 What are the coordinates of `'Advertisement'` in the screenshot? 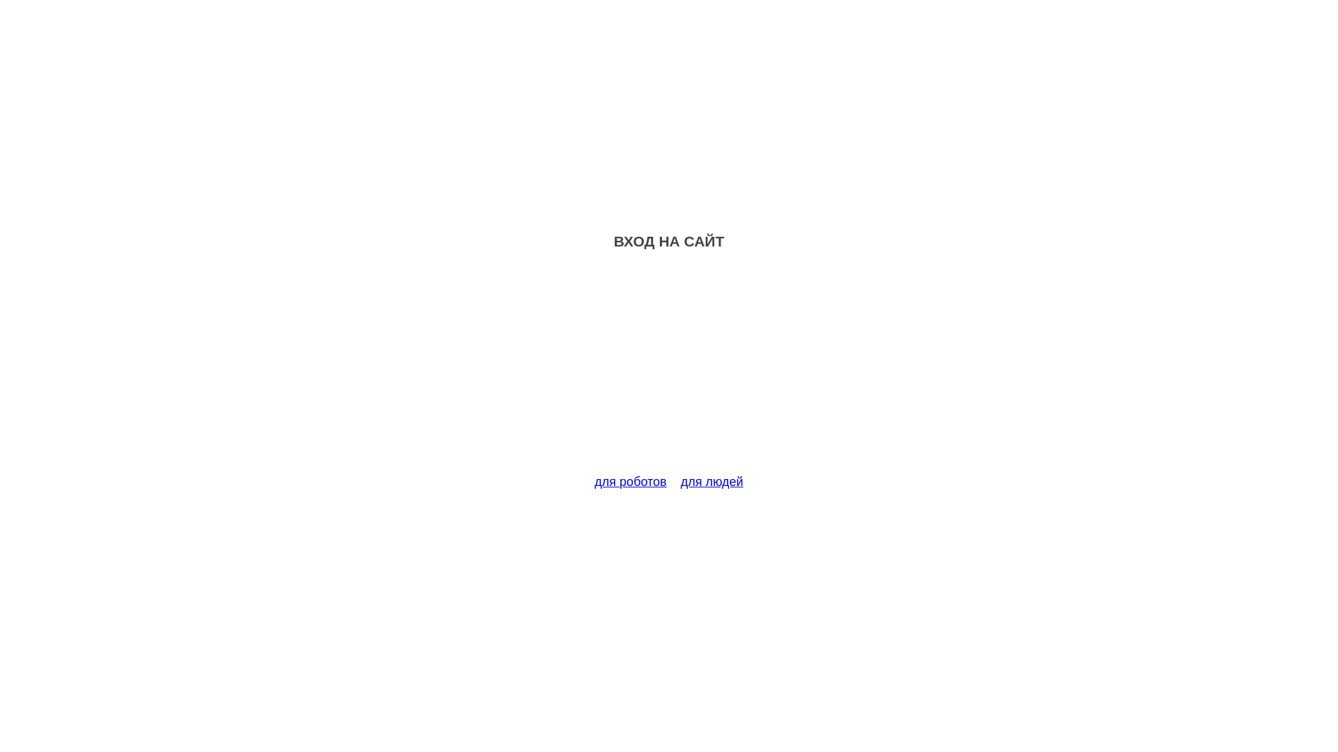 It's located at (669, 370).